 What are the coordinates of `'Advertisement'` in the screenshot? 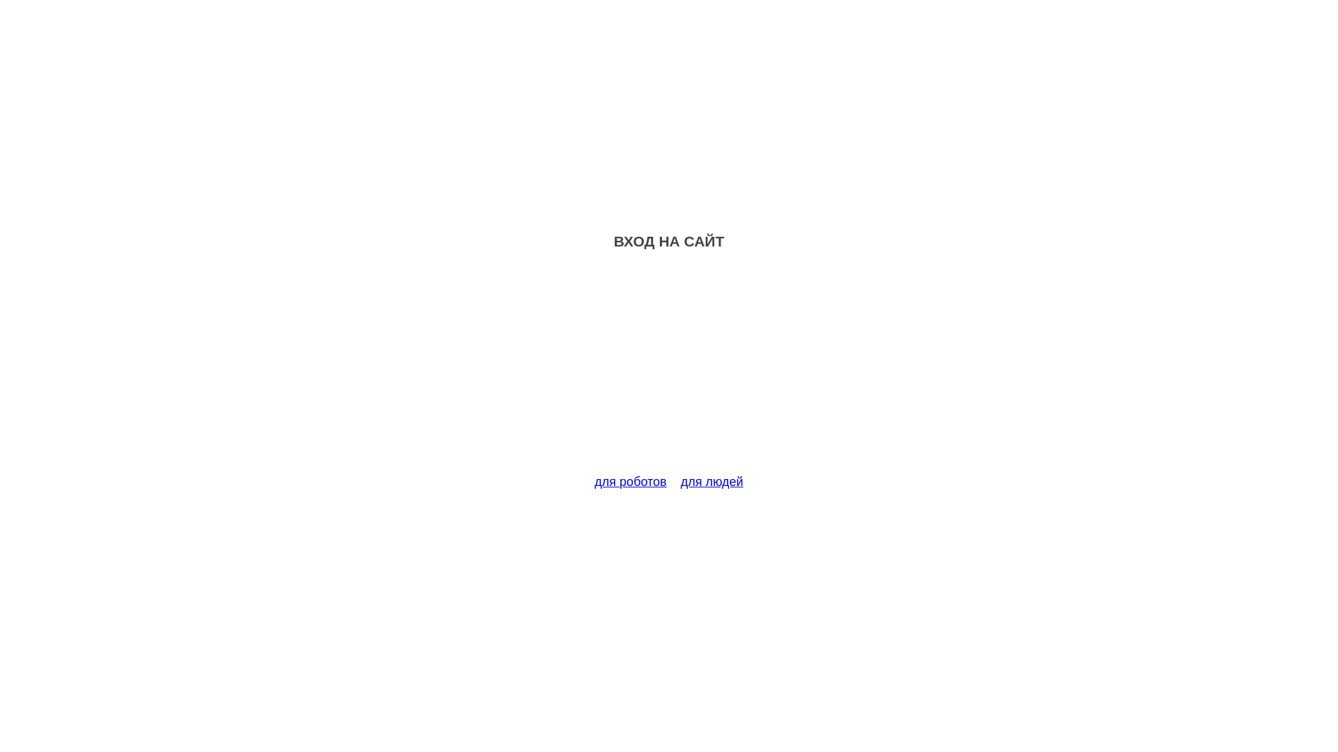 It's located at (669, 370).